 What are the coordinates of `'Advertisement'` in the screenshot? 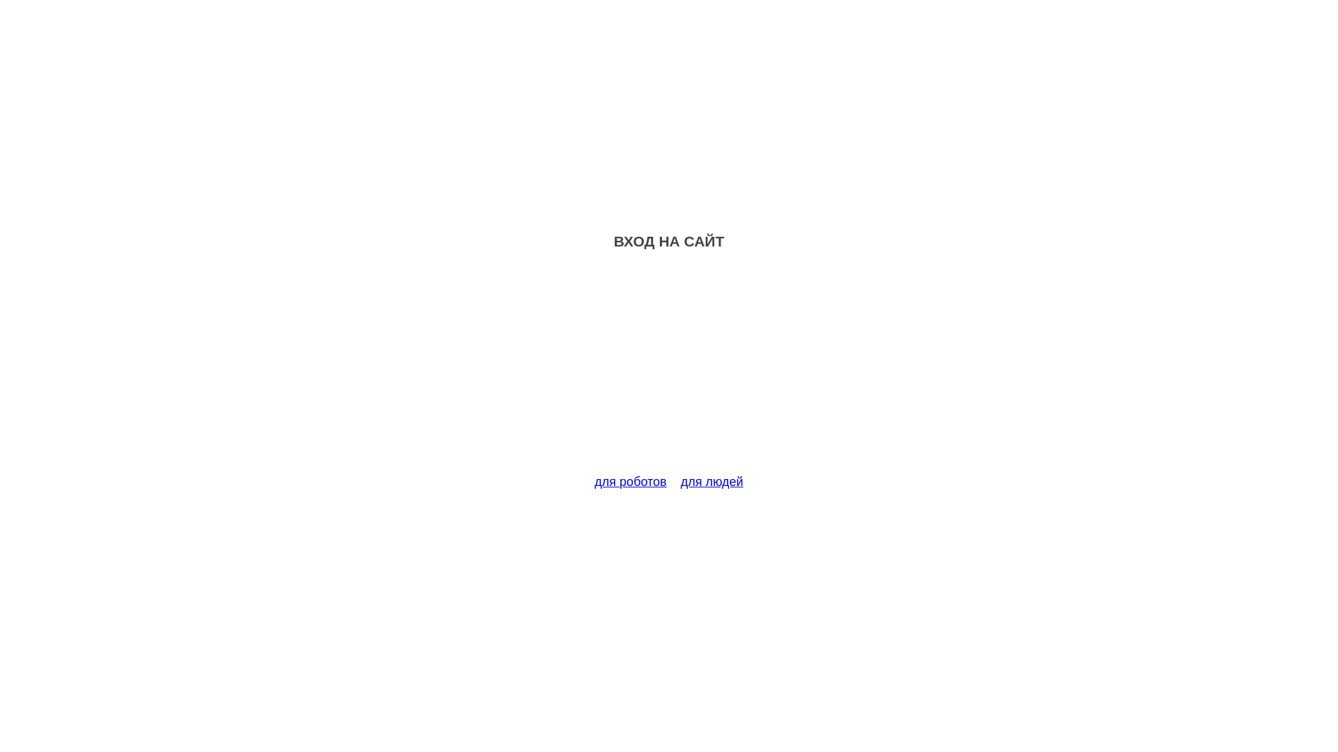 It's located at (669, 370).